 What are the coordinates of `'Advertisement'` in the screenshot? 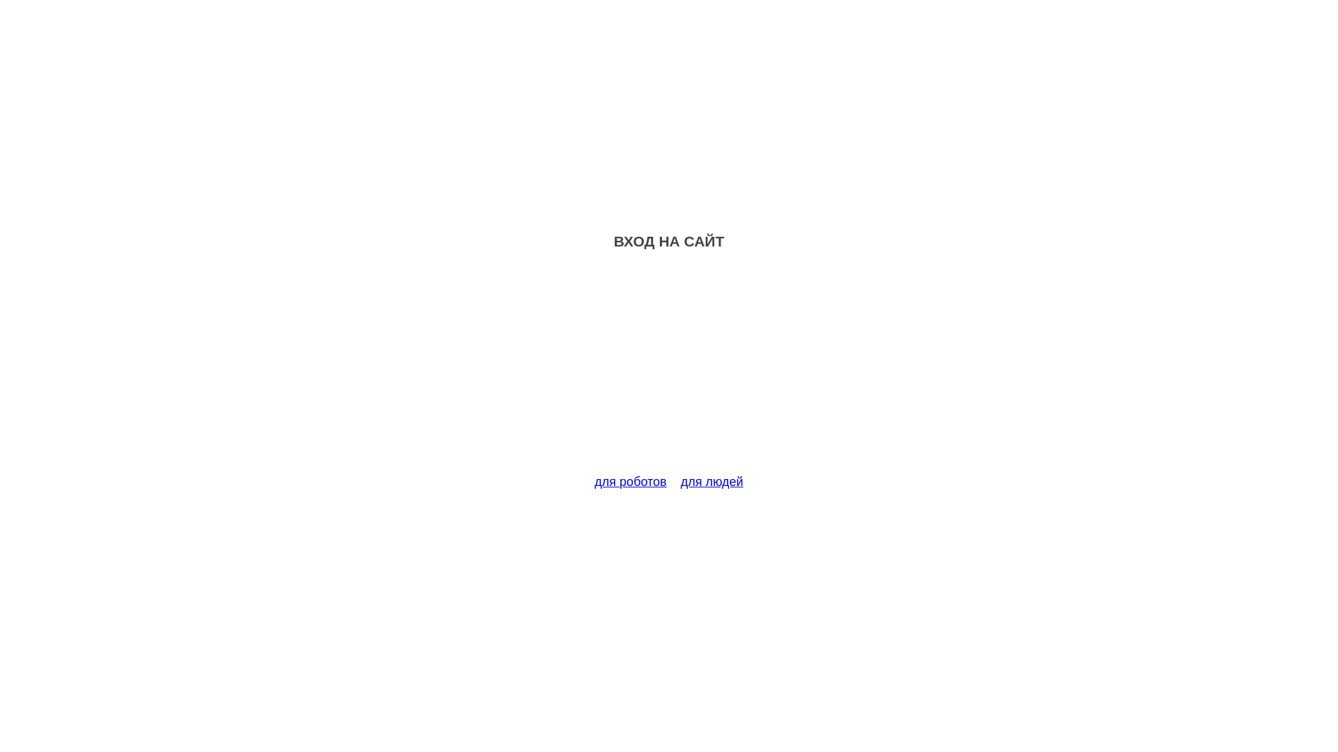 It's located at (669, 370).